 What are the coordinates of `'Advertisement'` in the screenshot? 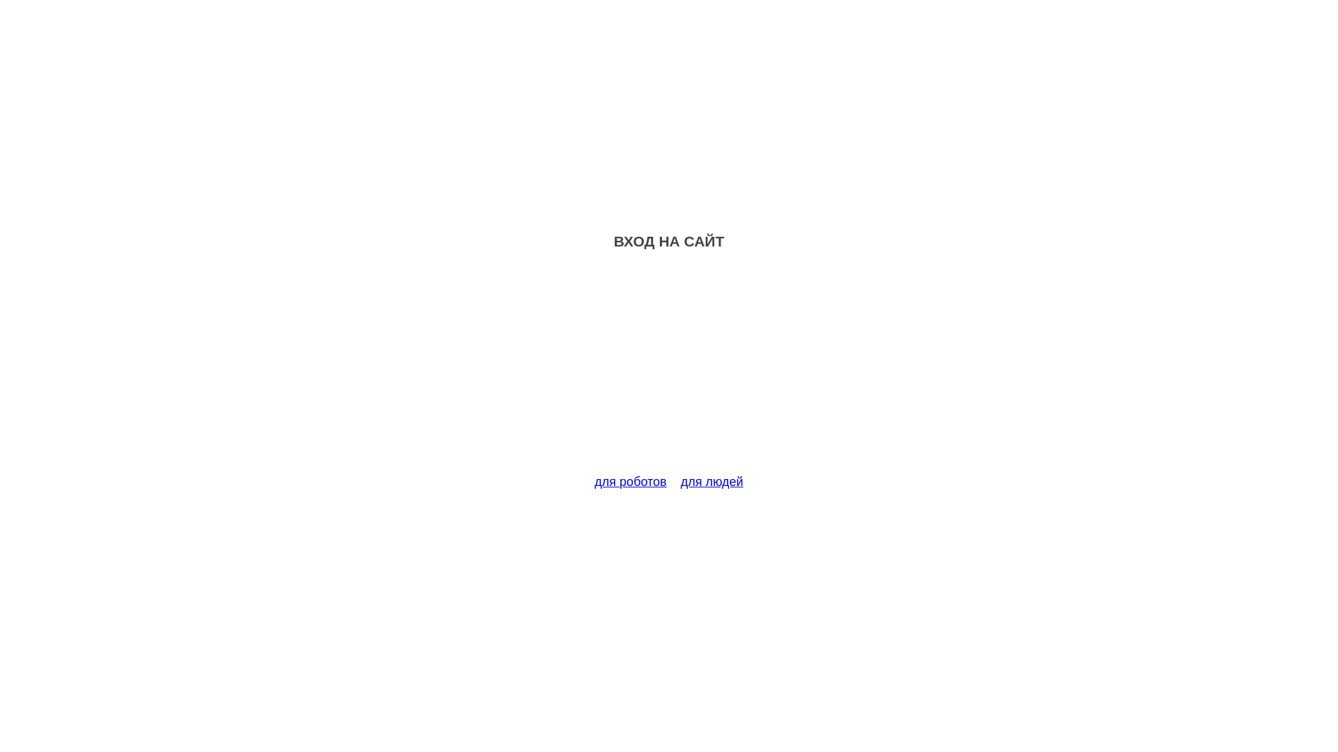 It's located at (669, 370).